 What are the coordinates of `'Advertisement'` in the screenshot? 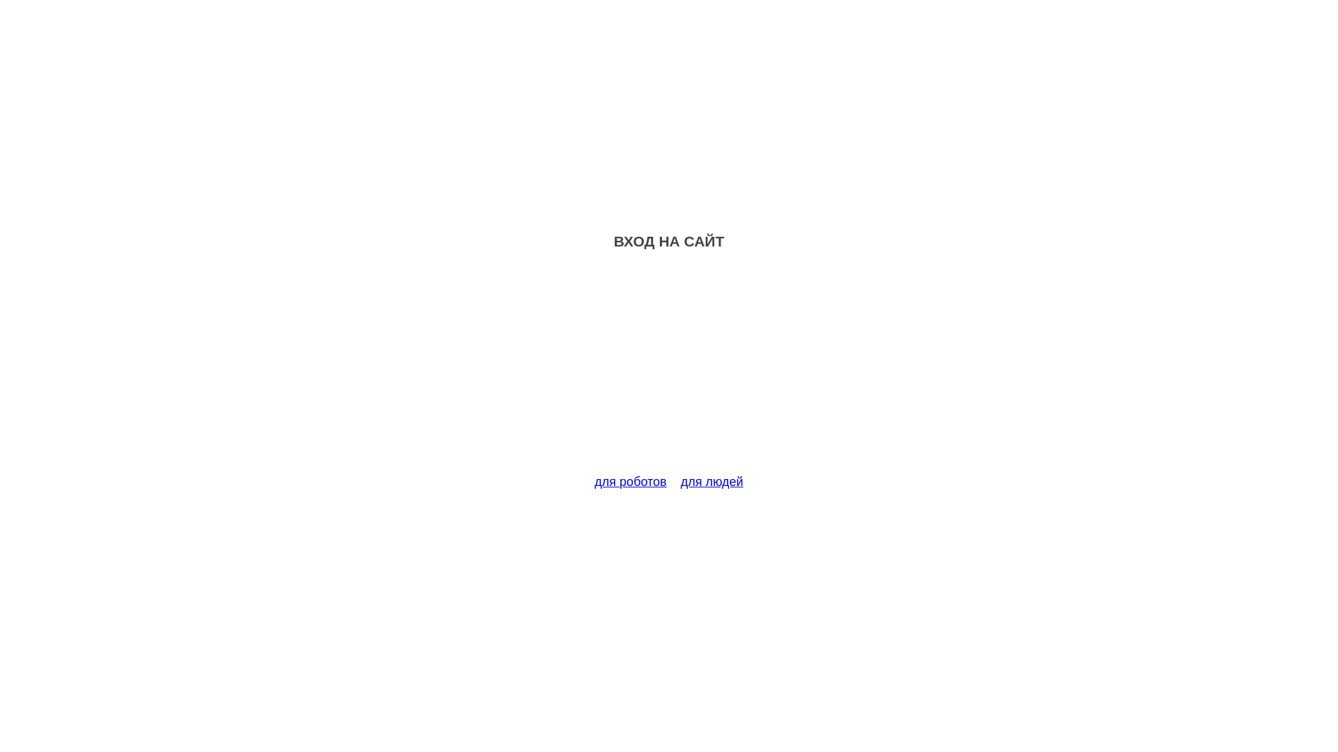 It's located at (669, 370).